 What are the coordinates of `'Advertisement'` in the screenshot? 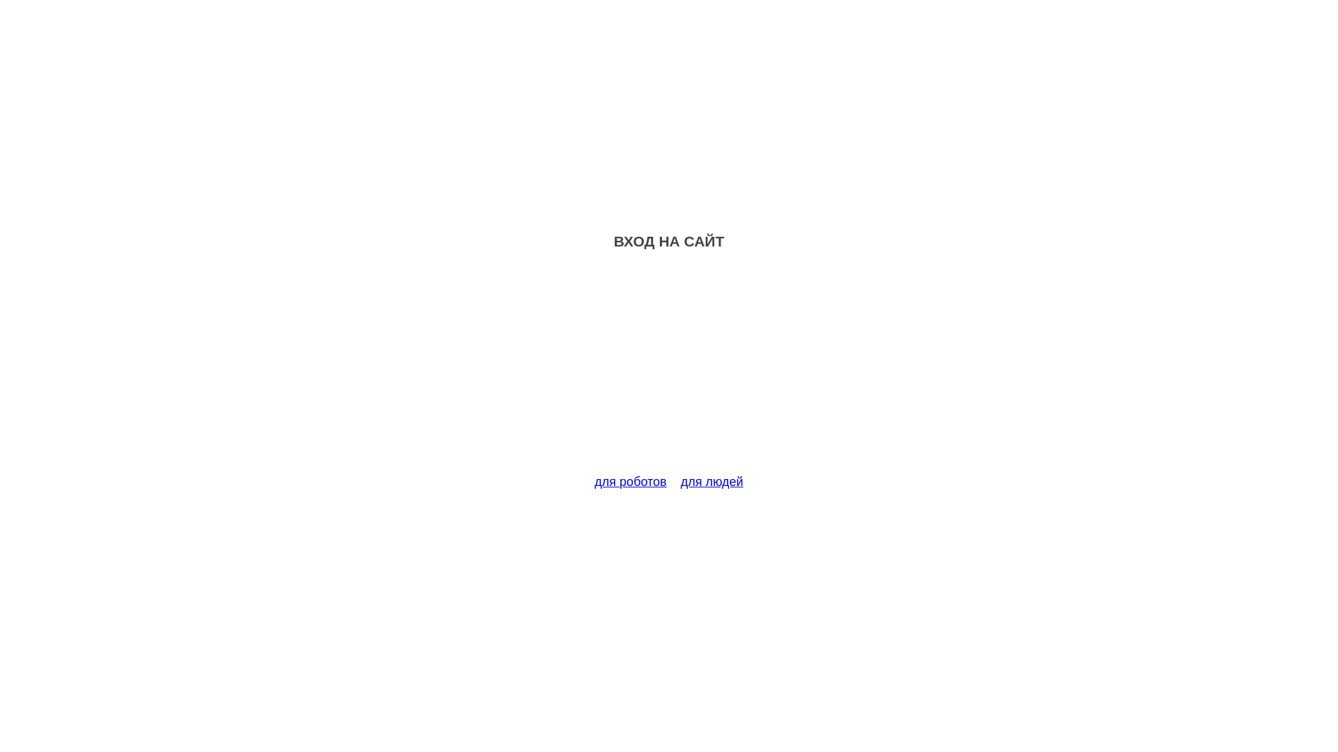 It's located at (669, 370).